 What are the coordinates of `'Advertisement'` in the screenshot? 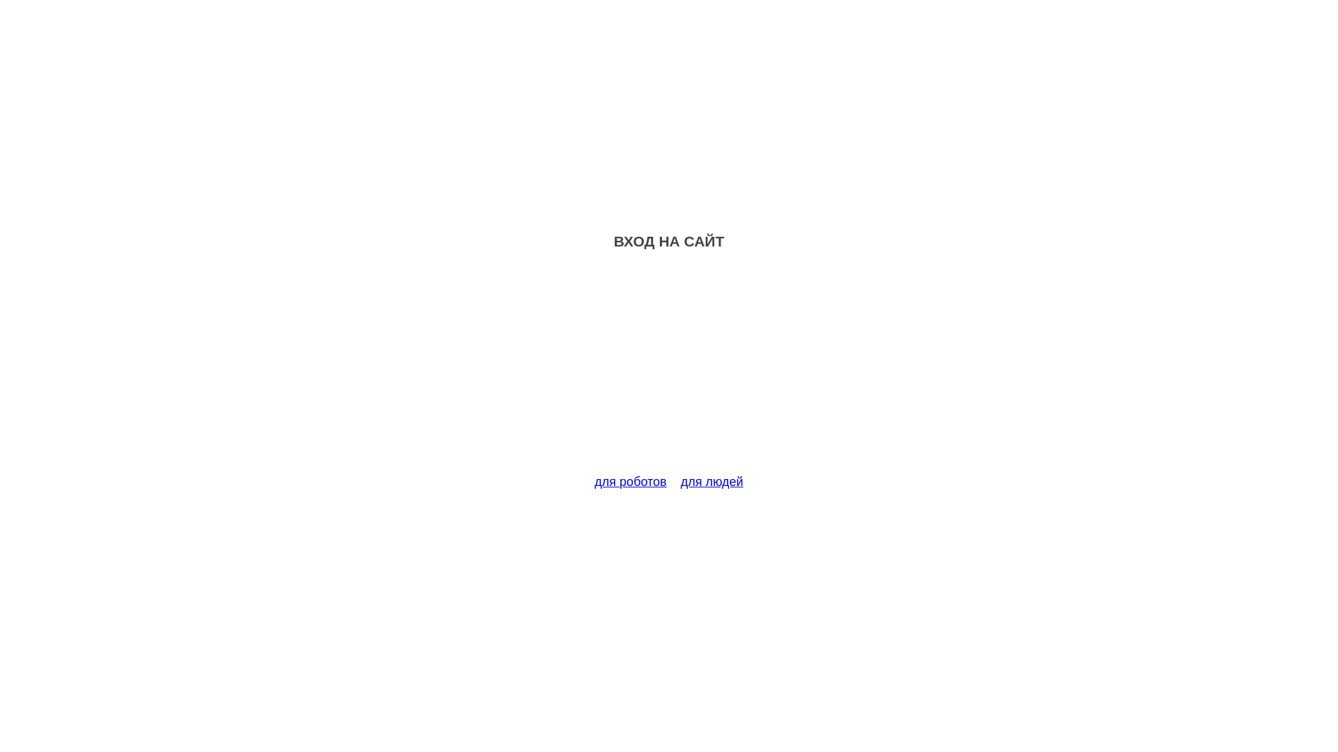 It's located at (669, 370).